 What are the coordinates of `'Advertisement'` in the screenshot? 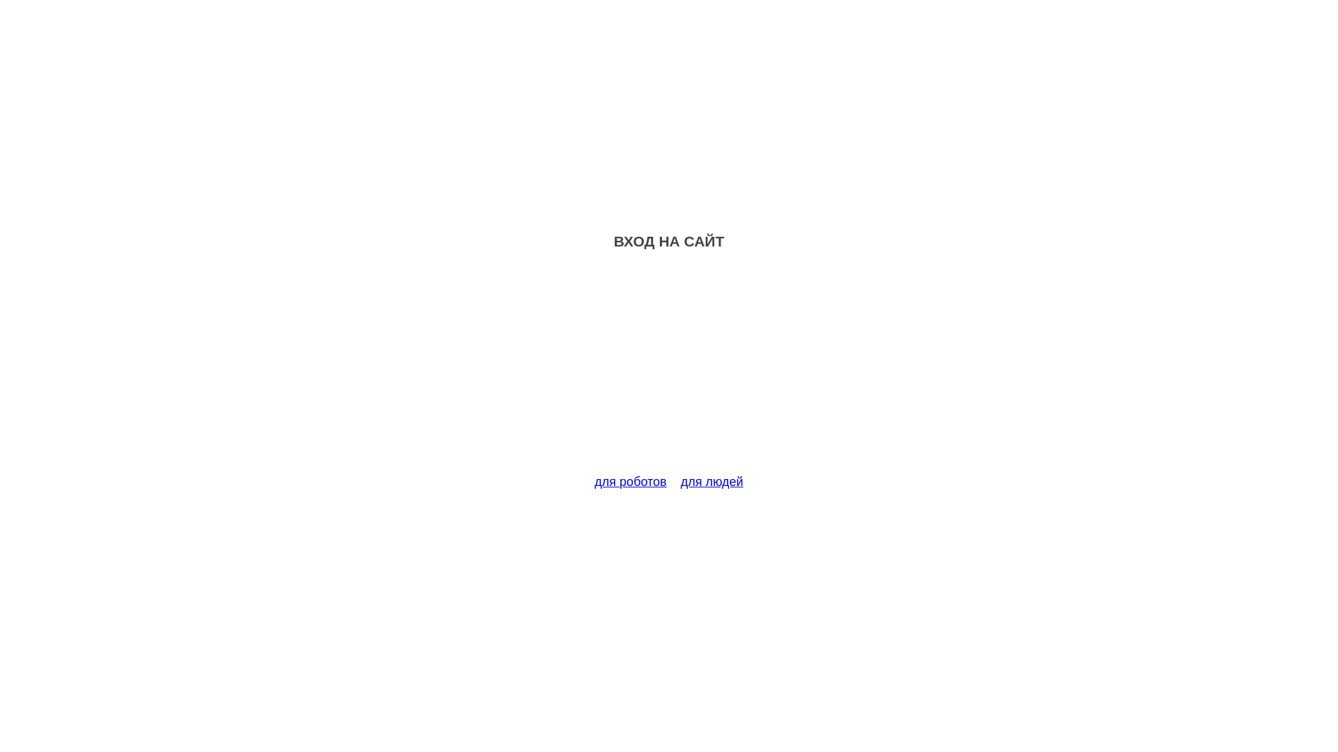 It's located at (669, 370).